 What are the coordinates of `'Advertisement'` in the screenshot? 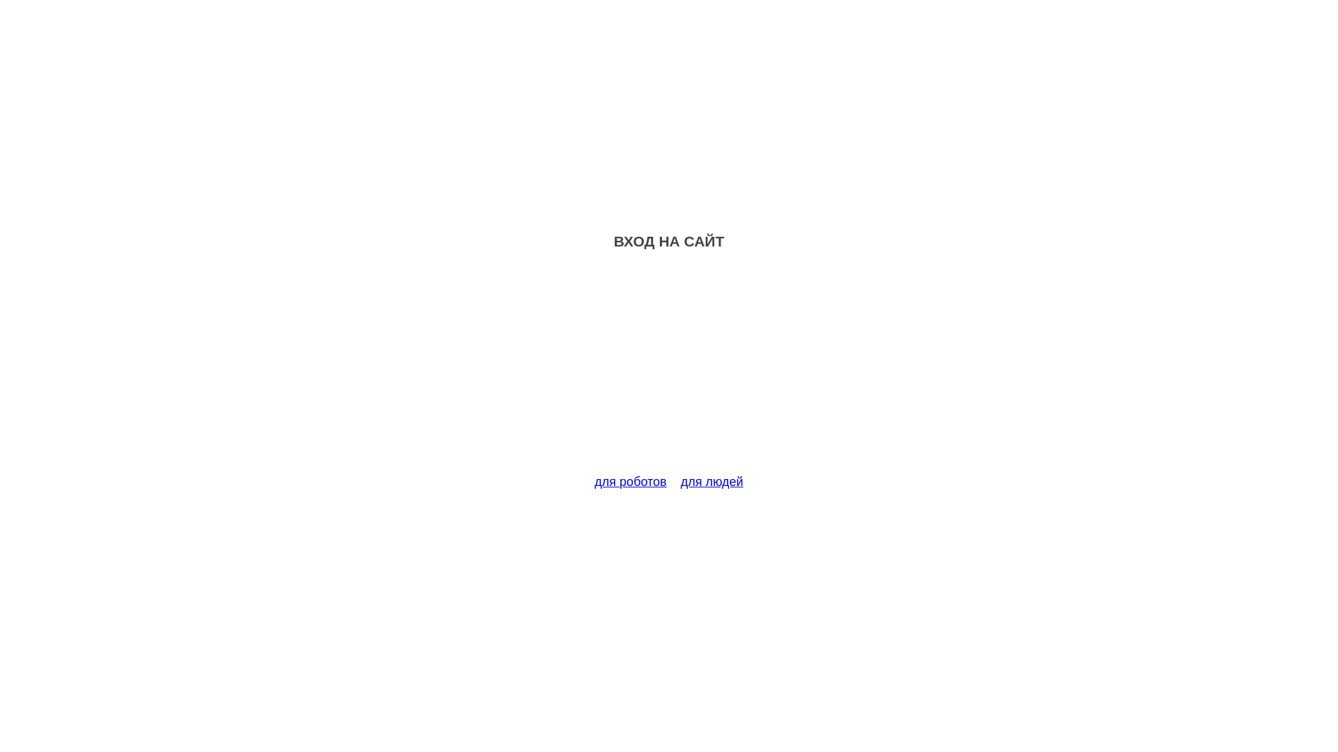 It's located at (669, 370).